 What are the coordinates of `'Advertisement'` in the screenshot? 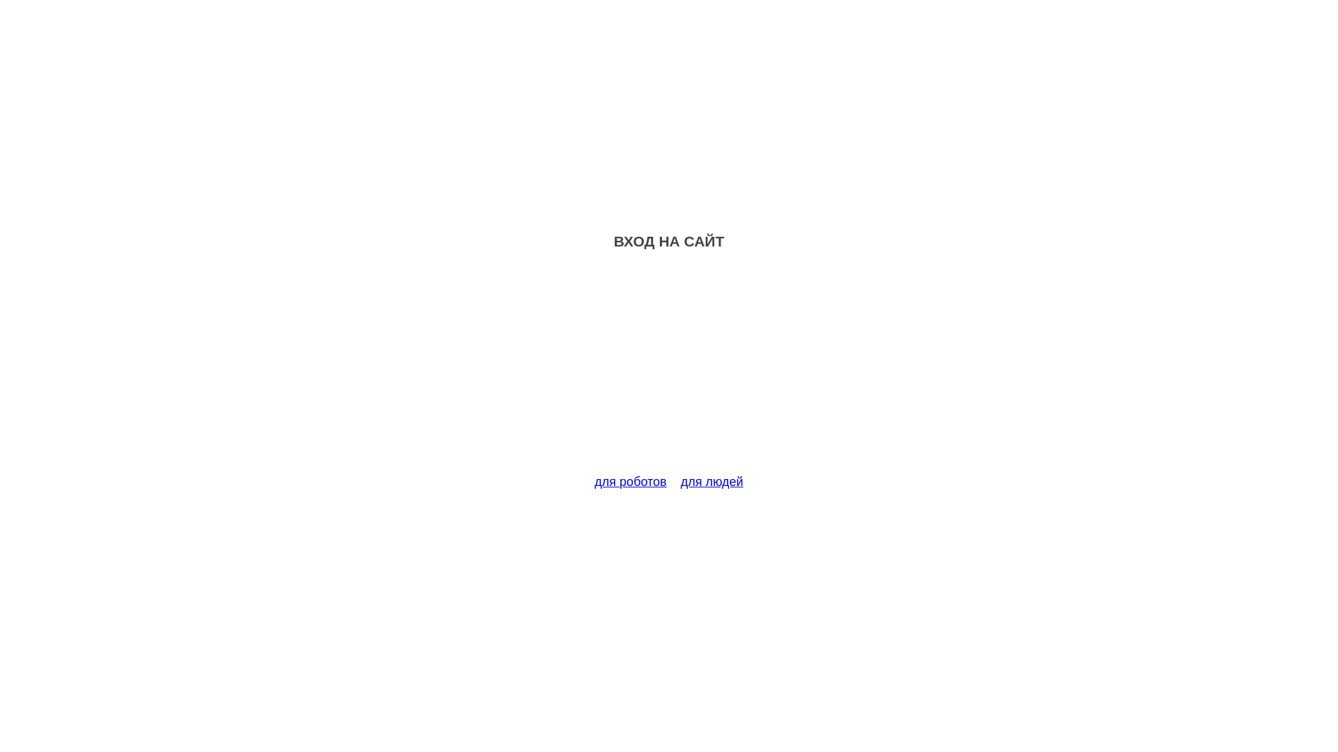 It's located at (669, 370).